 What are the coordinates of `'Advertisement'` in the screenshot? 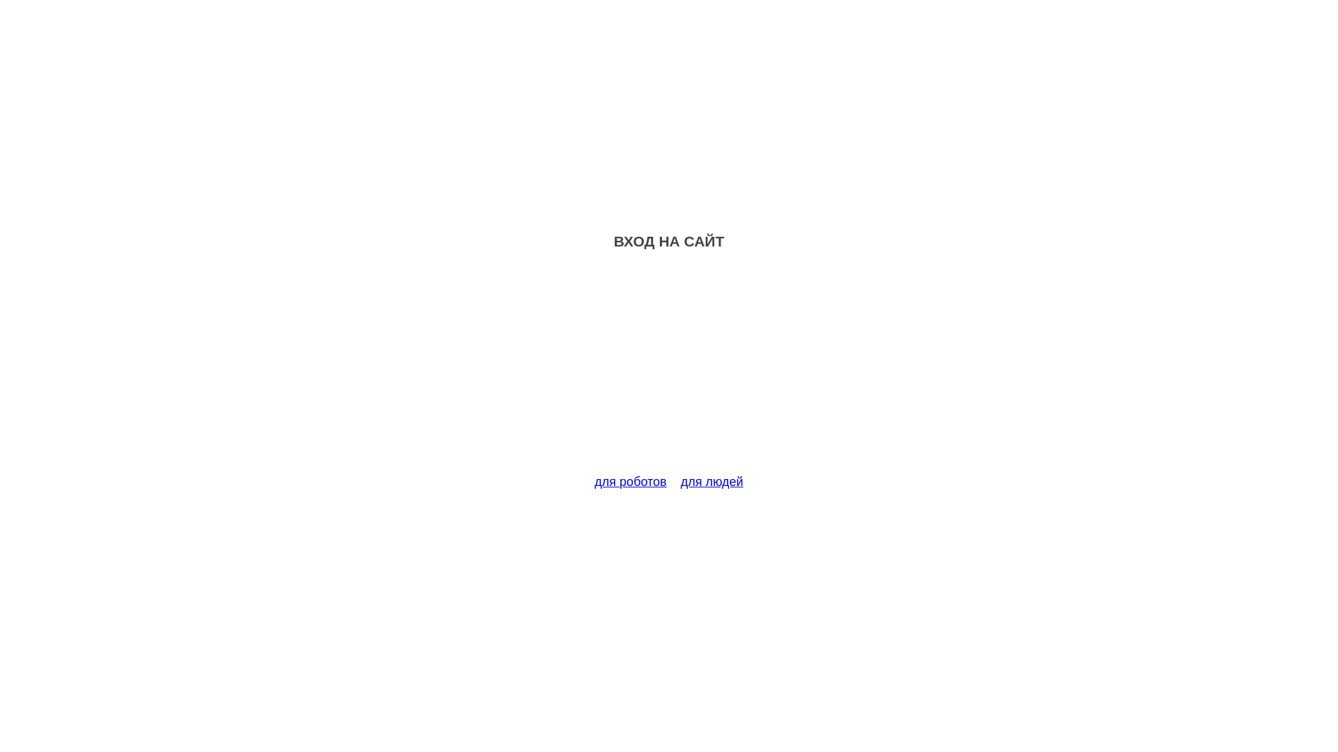 It's located at (669, 370).